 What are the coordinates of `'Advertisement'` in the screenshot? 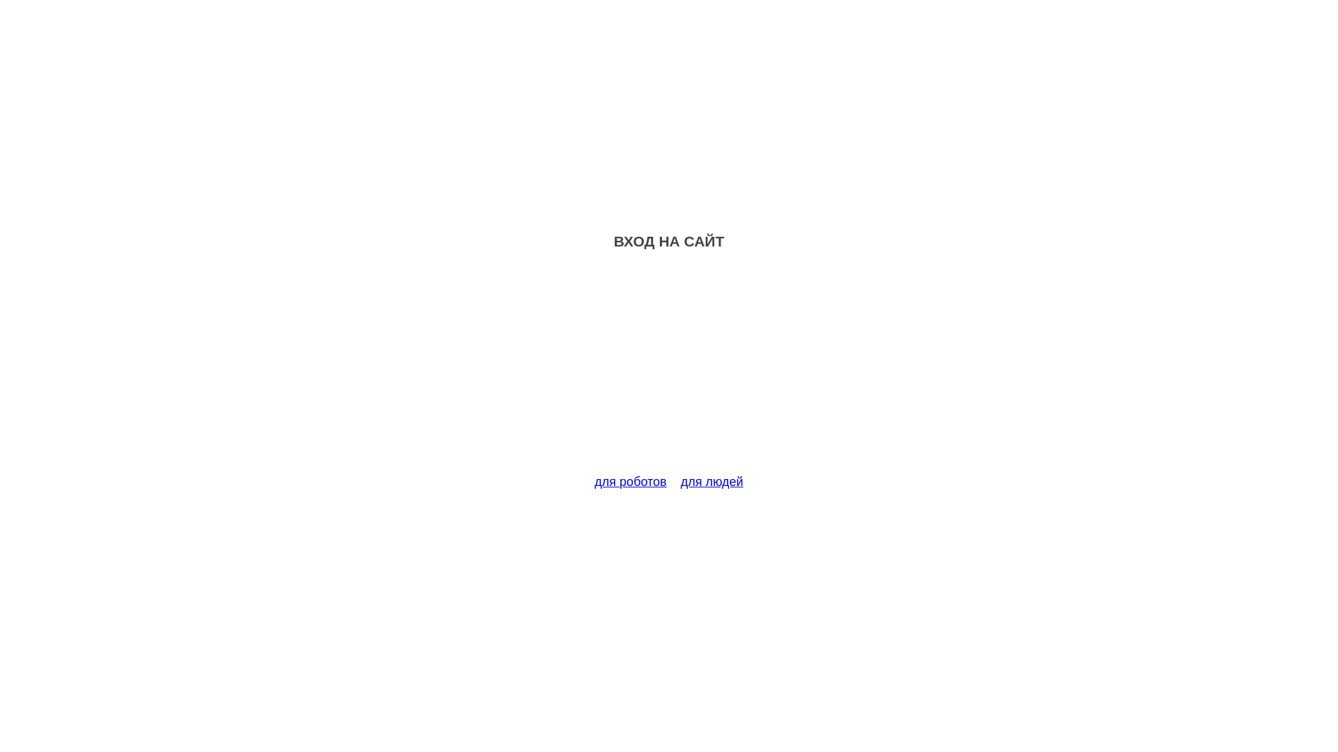 It's located at (669, 370).